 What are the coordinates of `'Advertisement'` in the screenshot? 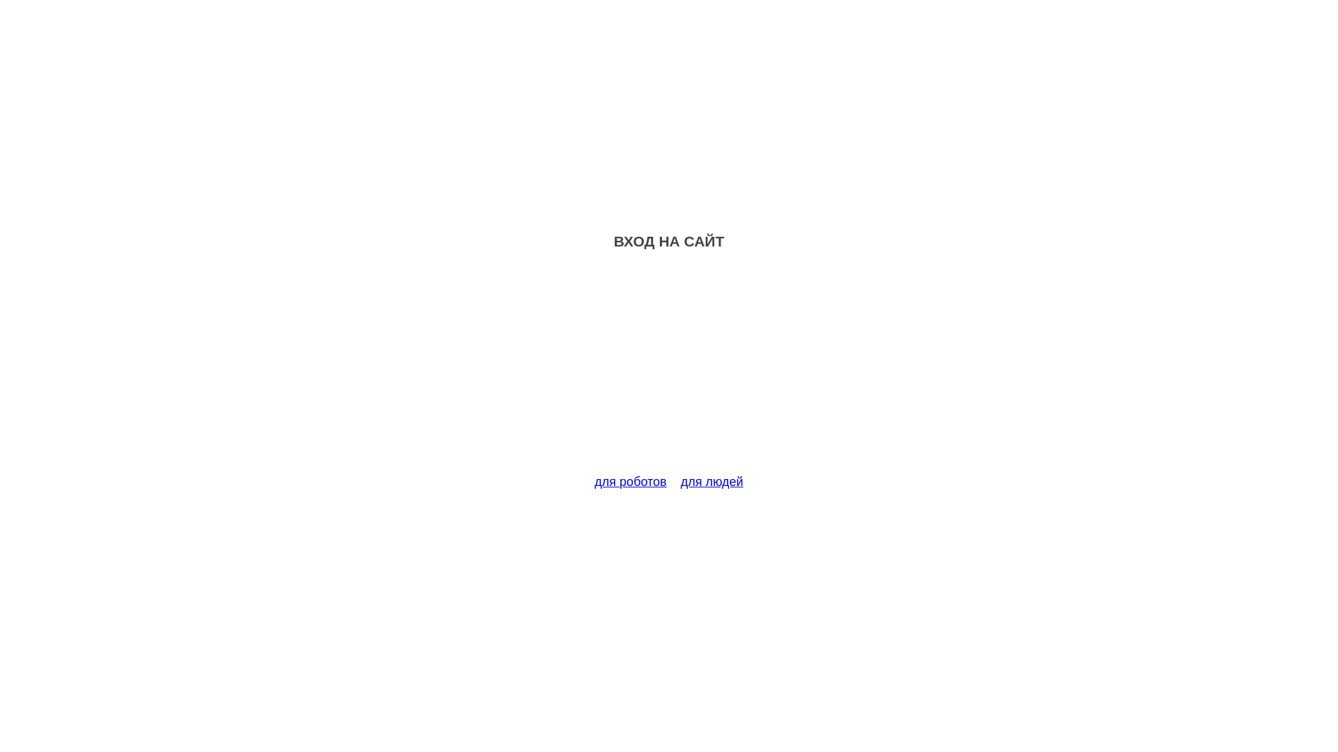 It's located at (669, 370).